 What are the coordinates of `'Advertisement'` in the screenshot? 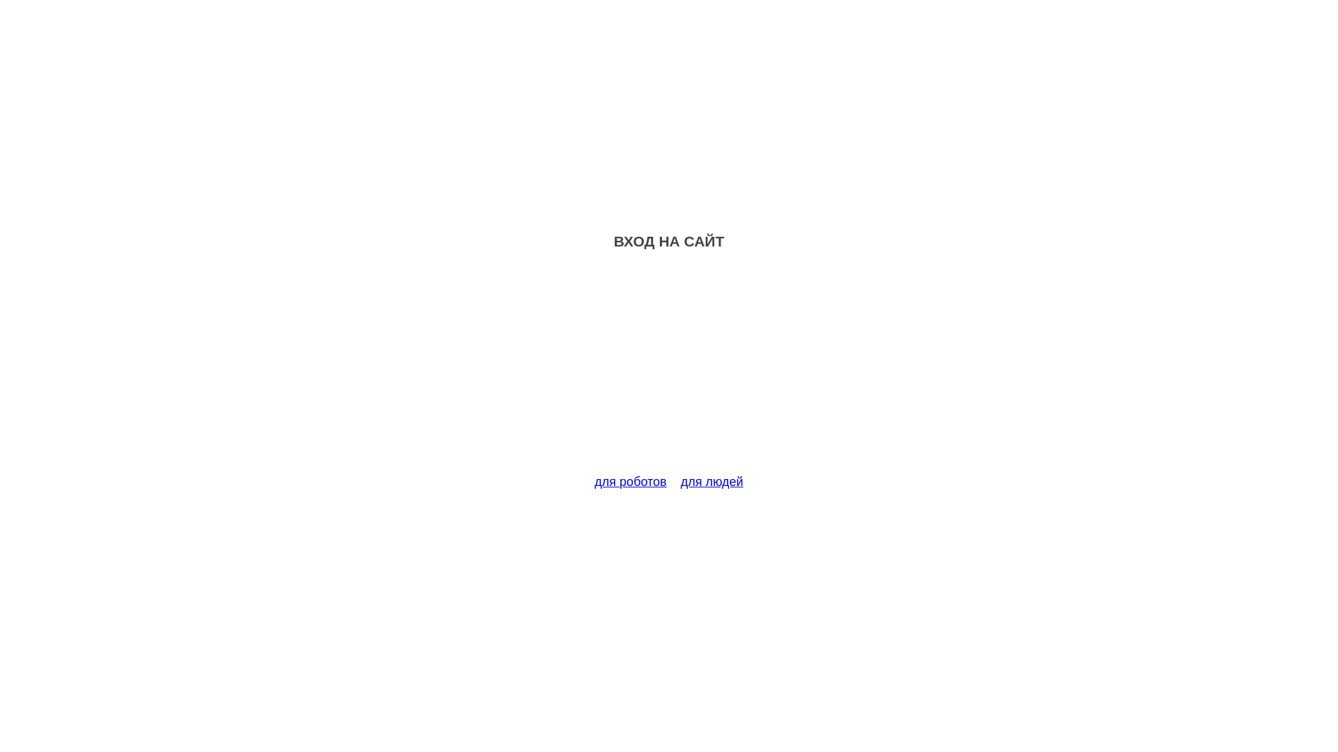 It's located at (669, 370).